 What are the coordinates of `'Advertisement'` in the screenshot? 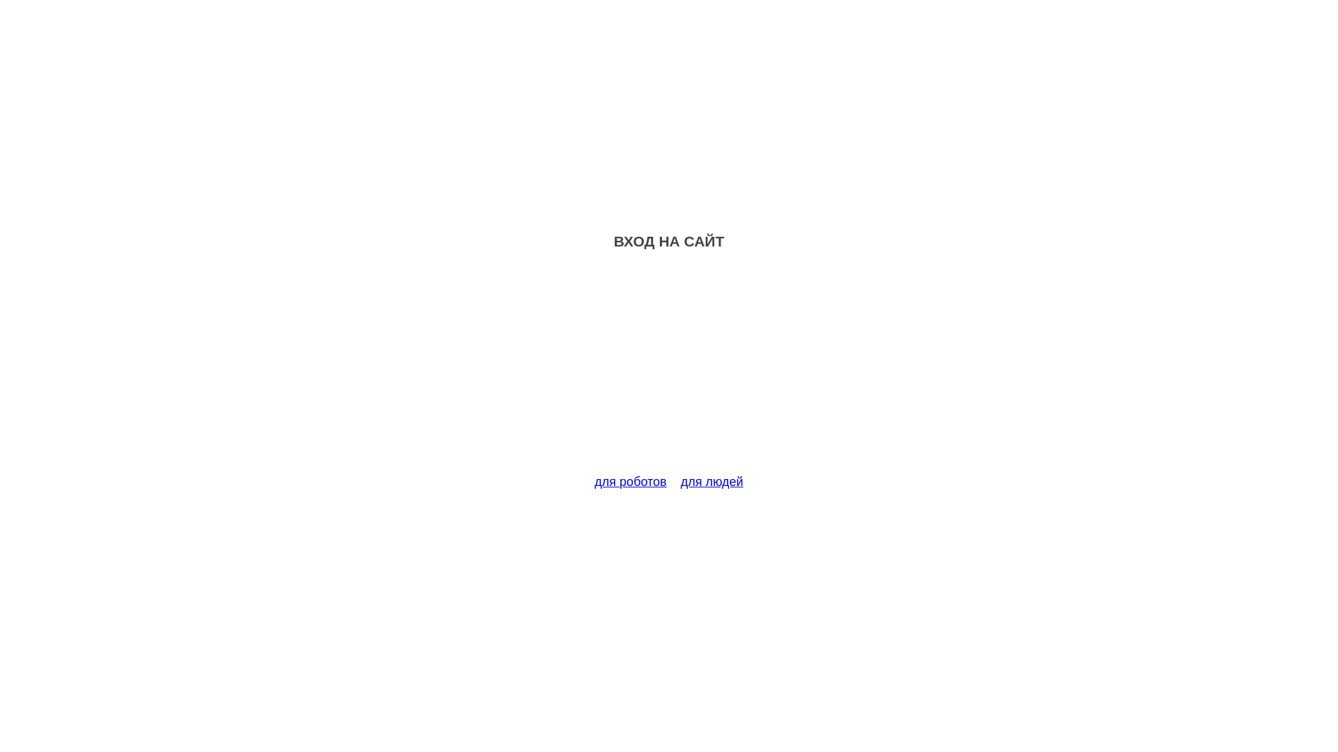 It's located at (669, 370).